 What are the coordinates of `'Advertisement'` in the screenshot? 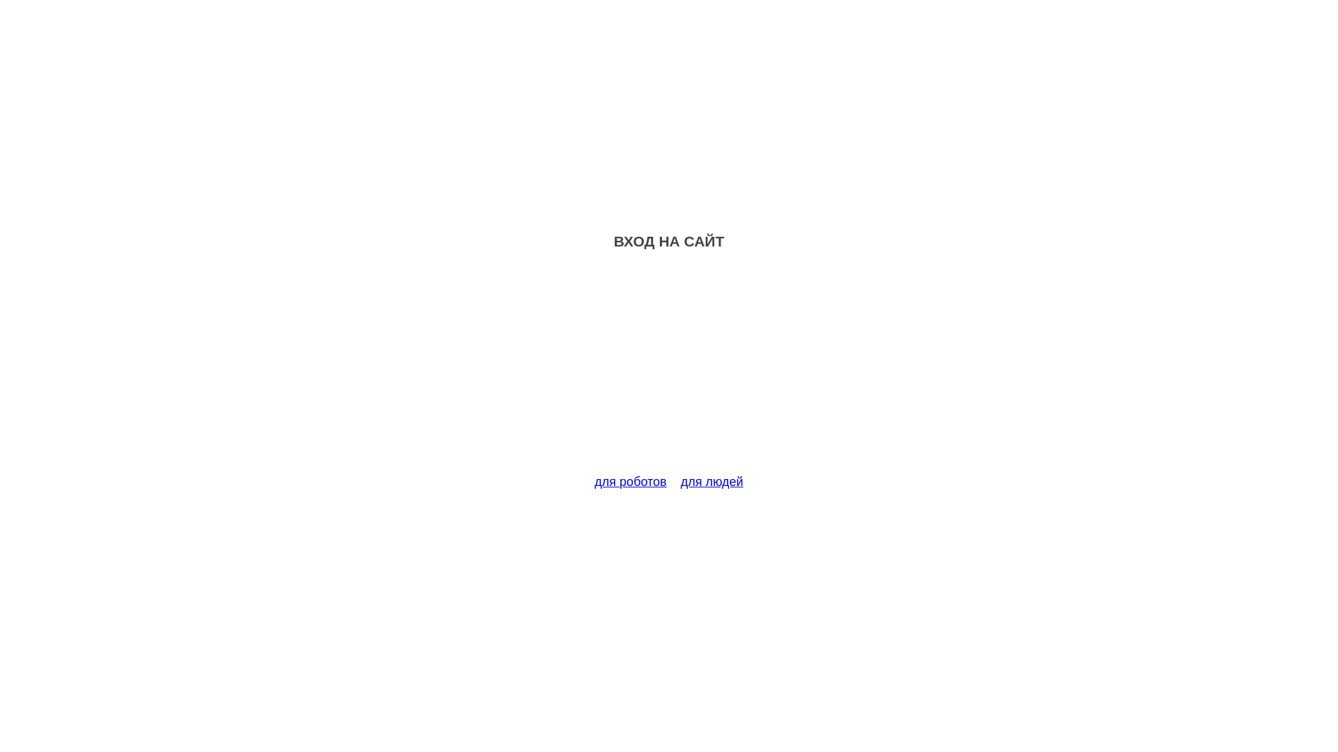 It's located at (669, 370).